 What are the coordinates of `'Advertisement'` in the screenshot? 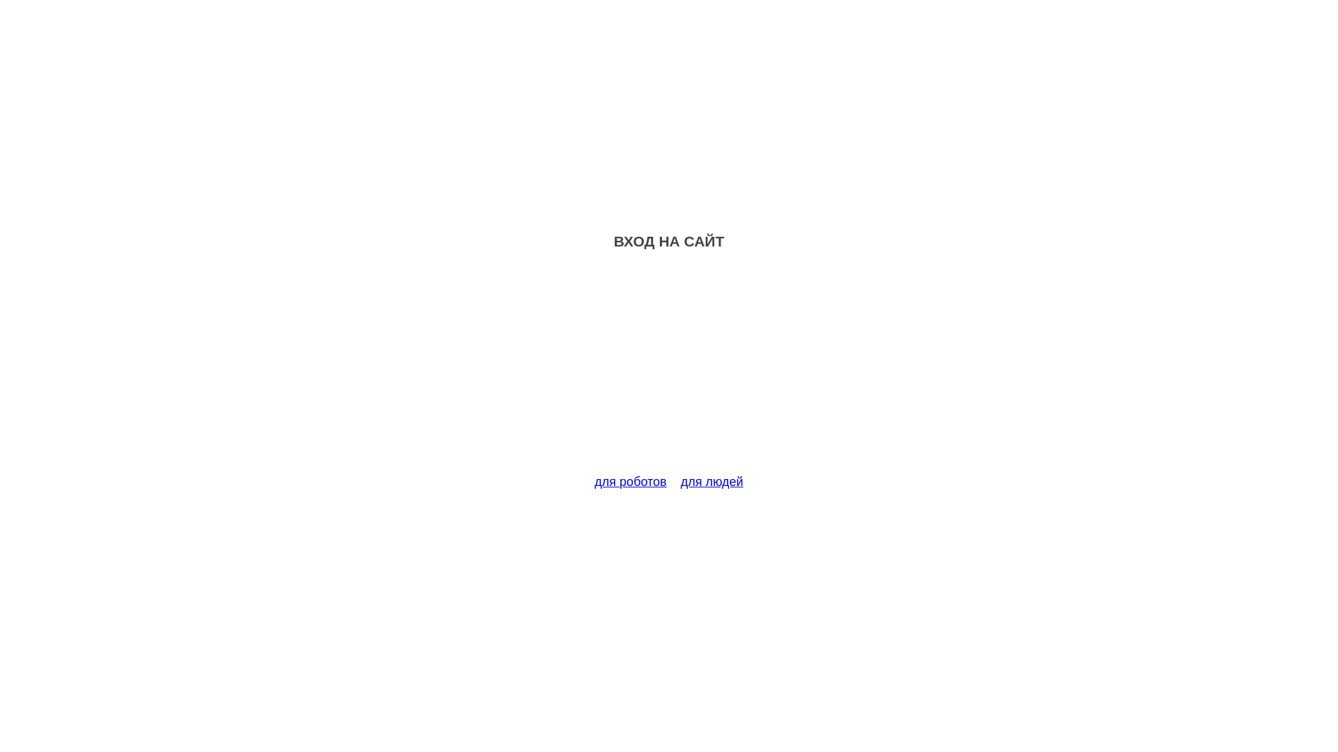 It's located at (669, 370).